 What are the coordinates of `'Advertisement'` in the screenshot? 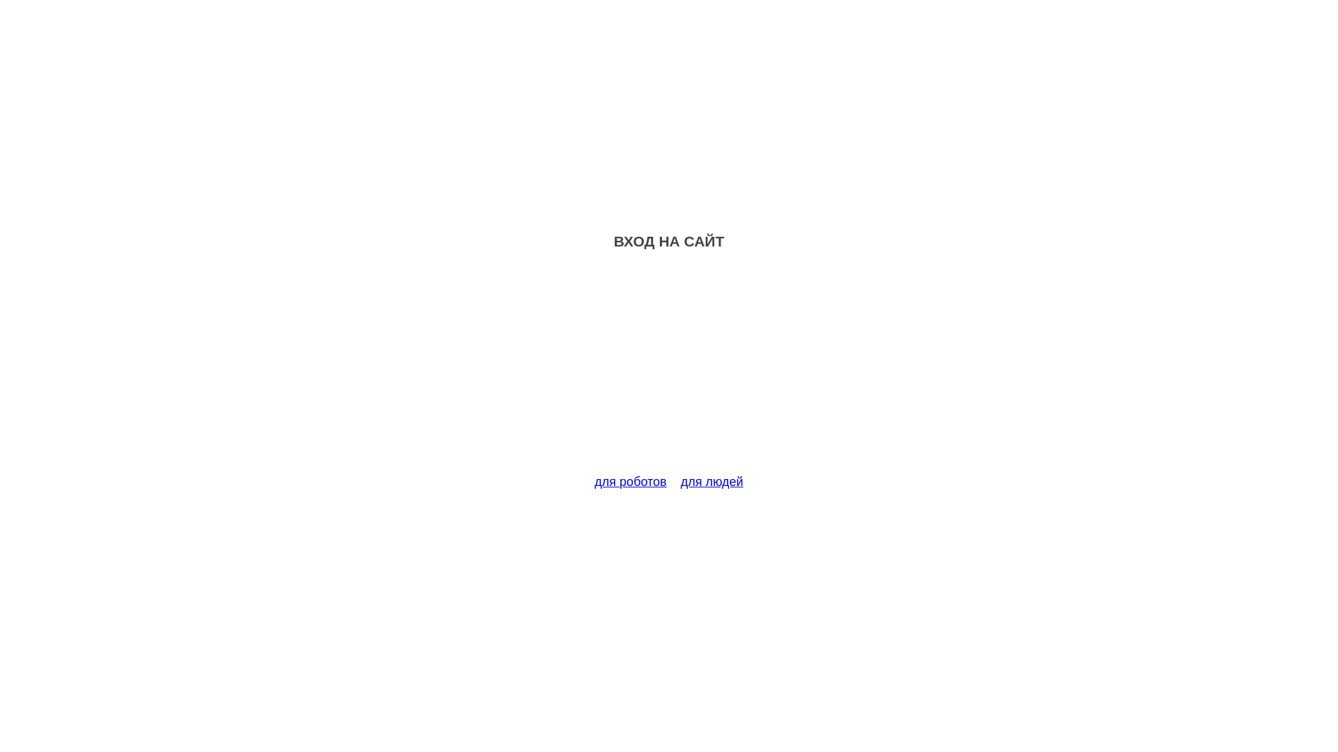 It's located at (669, 370).